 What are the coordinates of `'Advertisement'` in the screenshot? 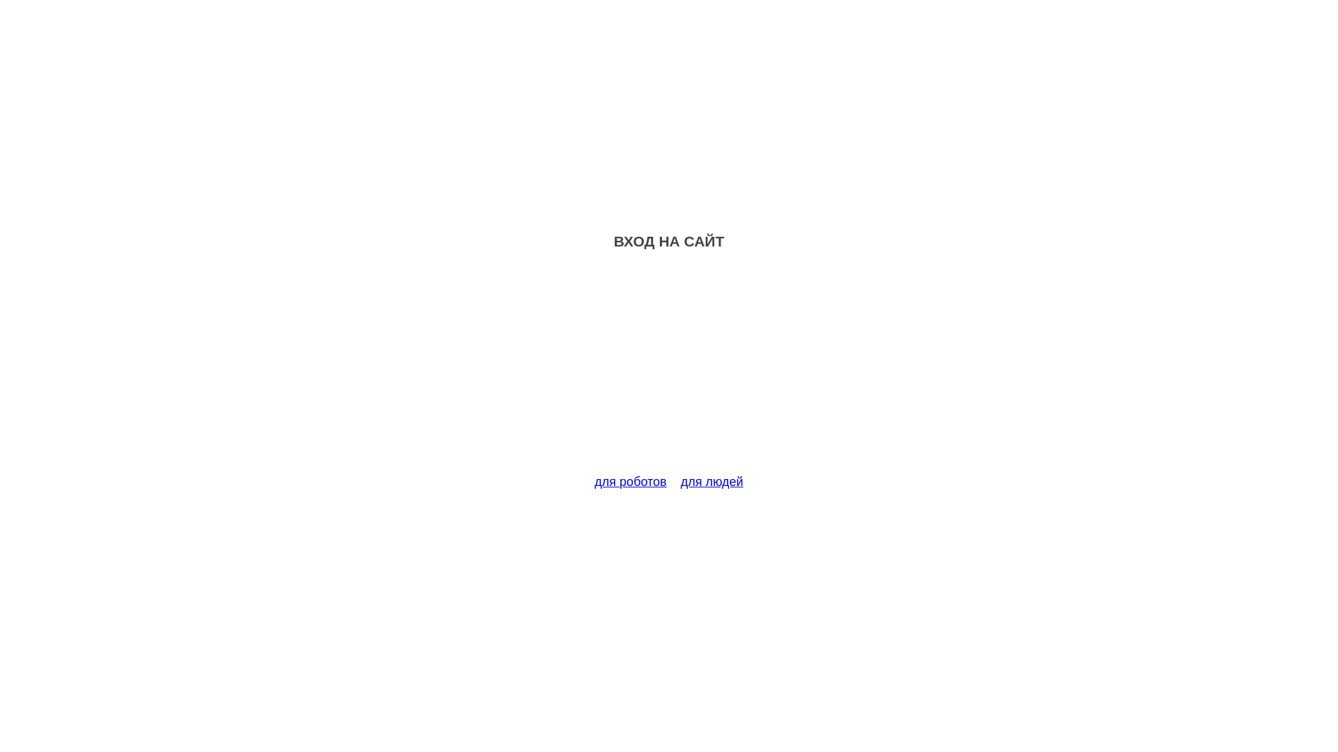 It's located at (669, 370).